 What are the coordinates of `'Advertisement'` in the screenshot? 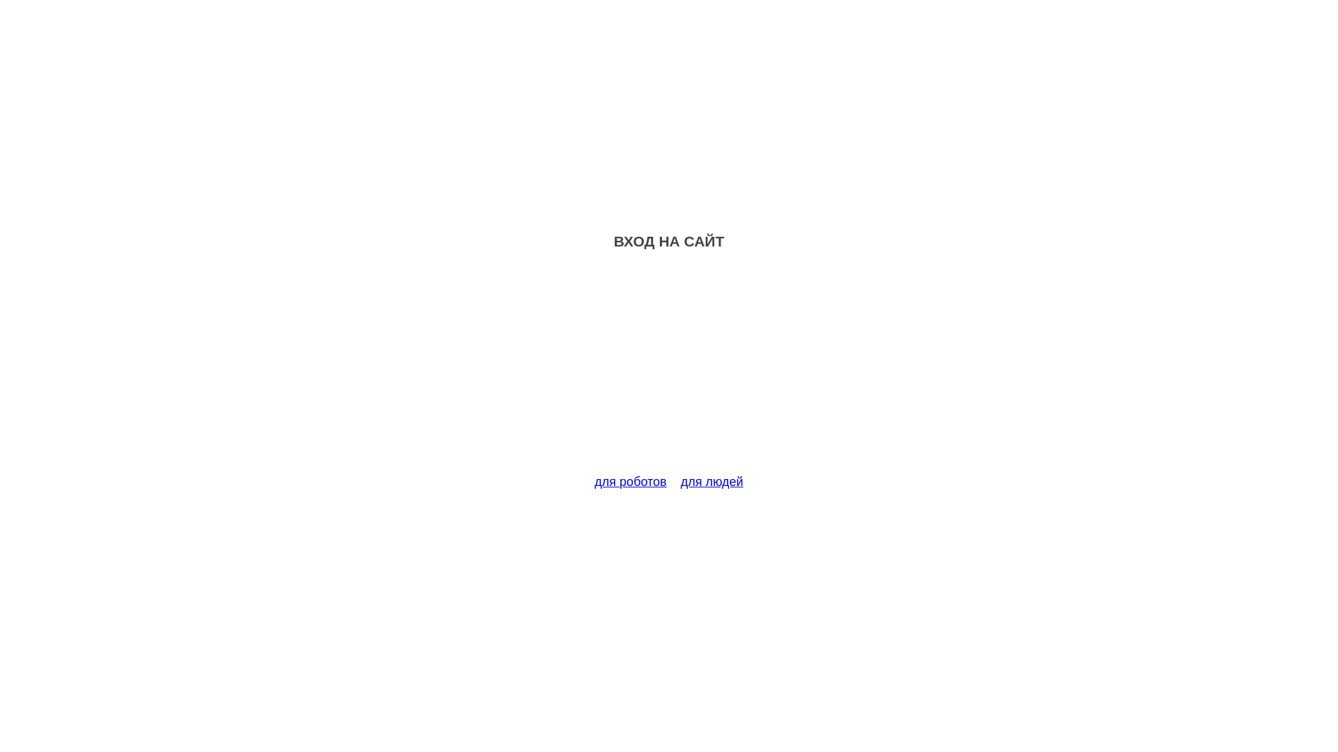 It's located at (669, 370).